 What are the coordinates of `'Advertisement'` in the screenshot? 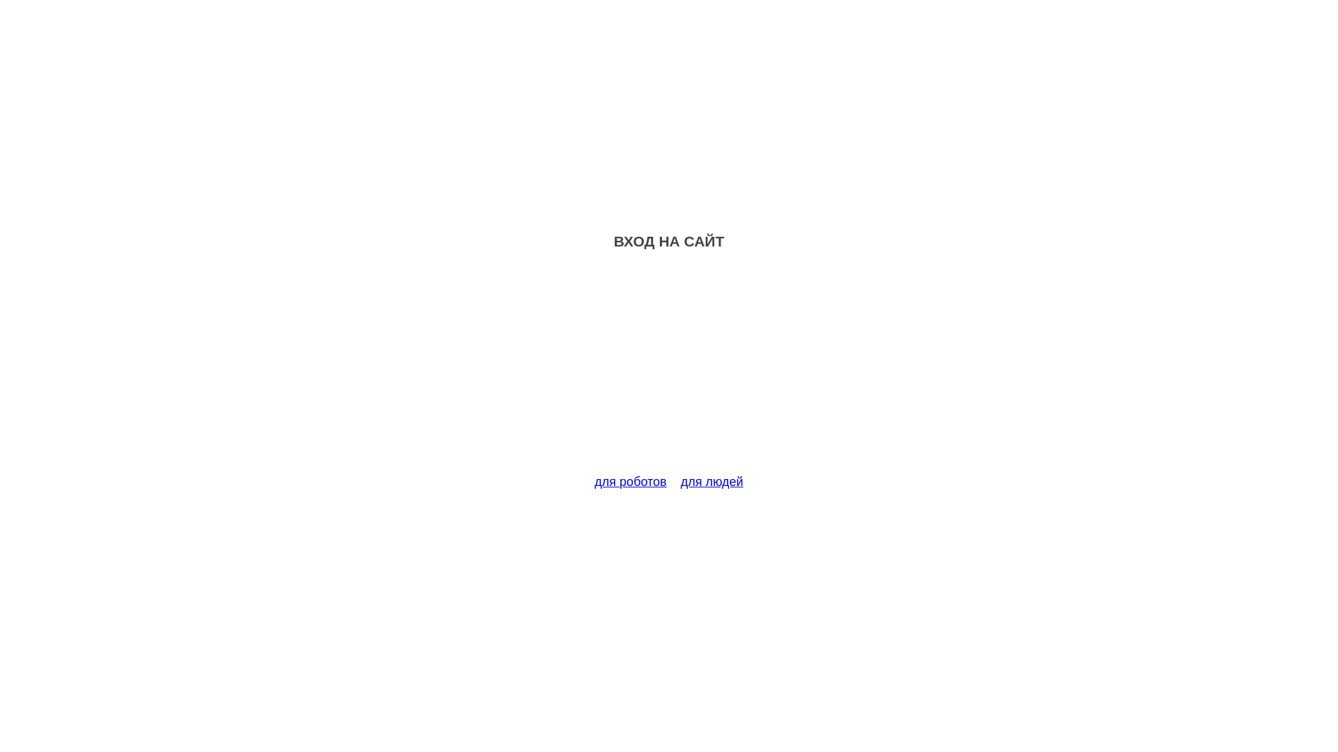 It's located at (669, 370).